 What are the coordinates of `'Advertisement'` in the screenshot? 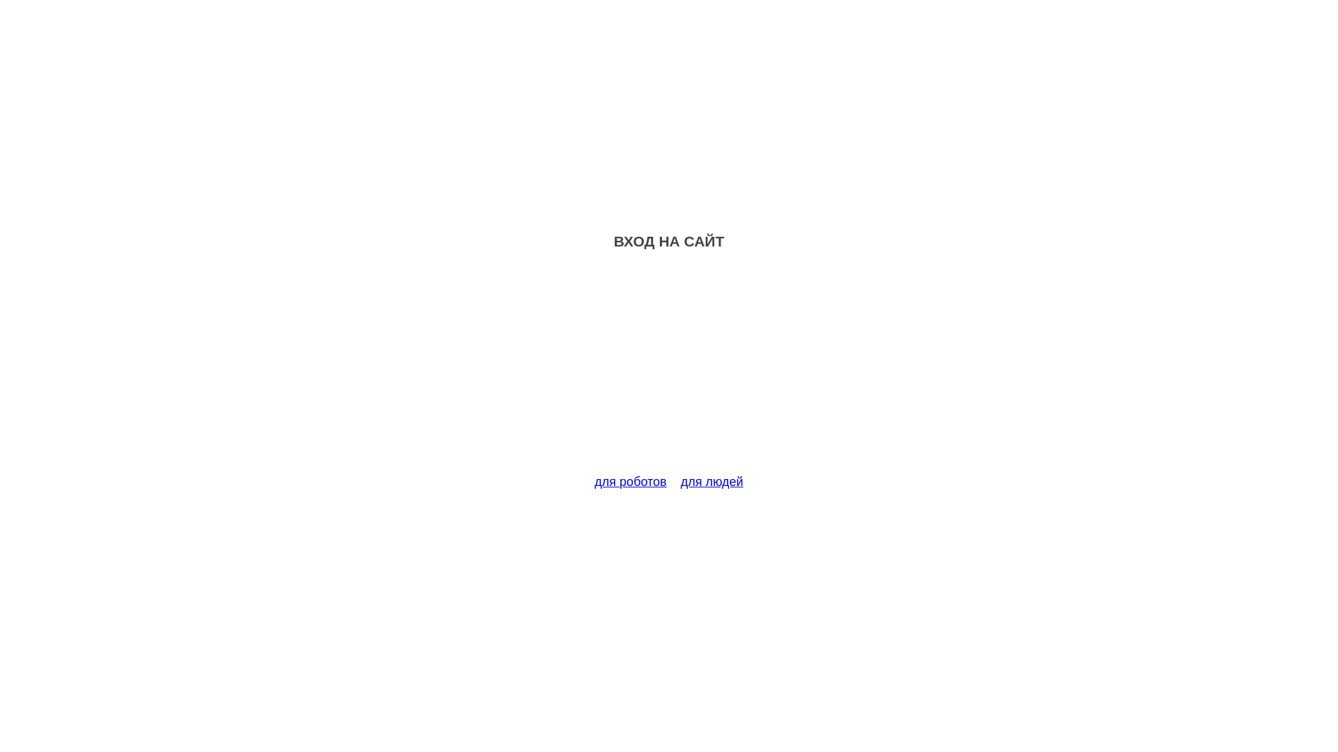 It's located at (669, 370).